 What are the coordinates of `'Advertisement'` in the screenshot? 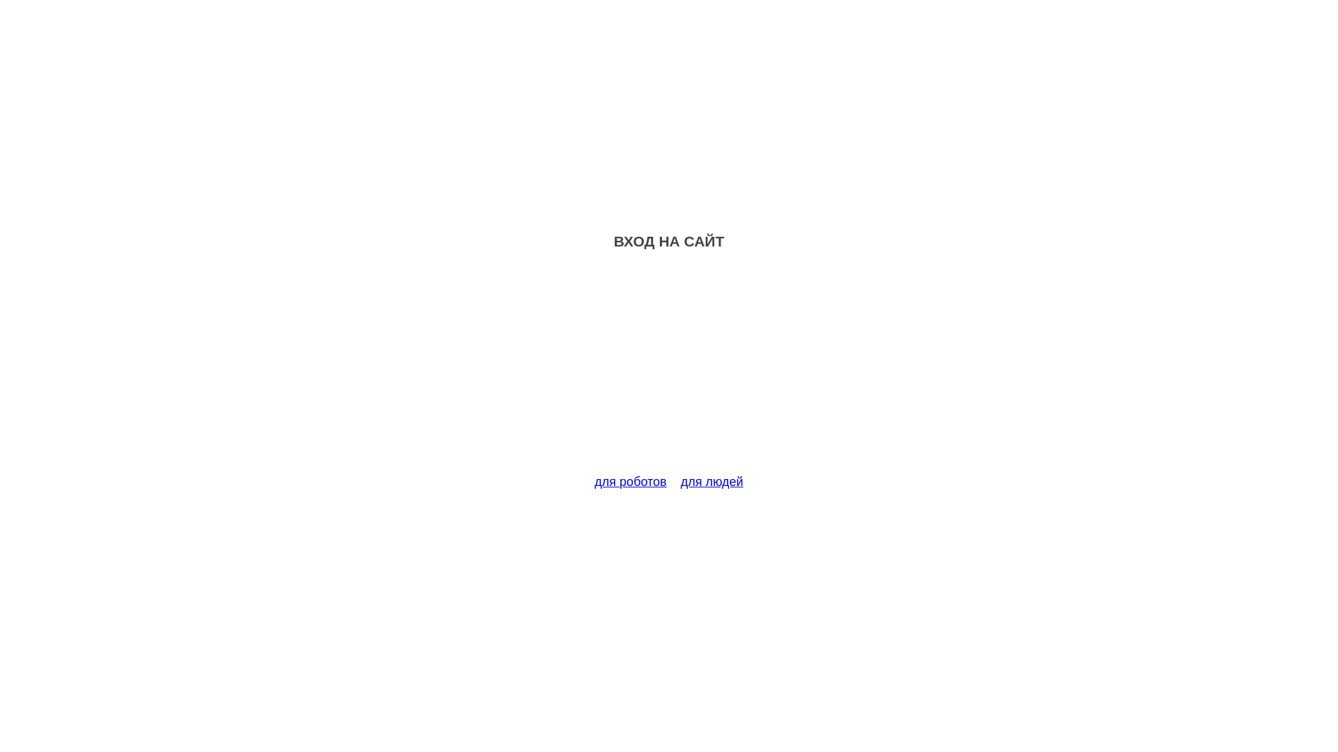 It's located at (669, 370).